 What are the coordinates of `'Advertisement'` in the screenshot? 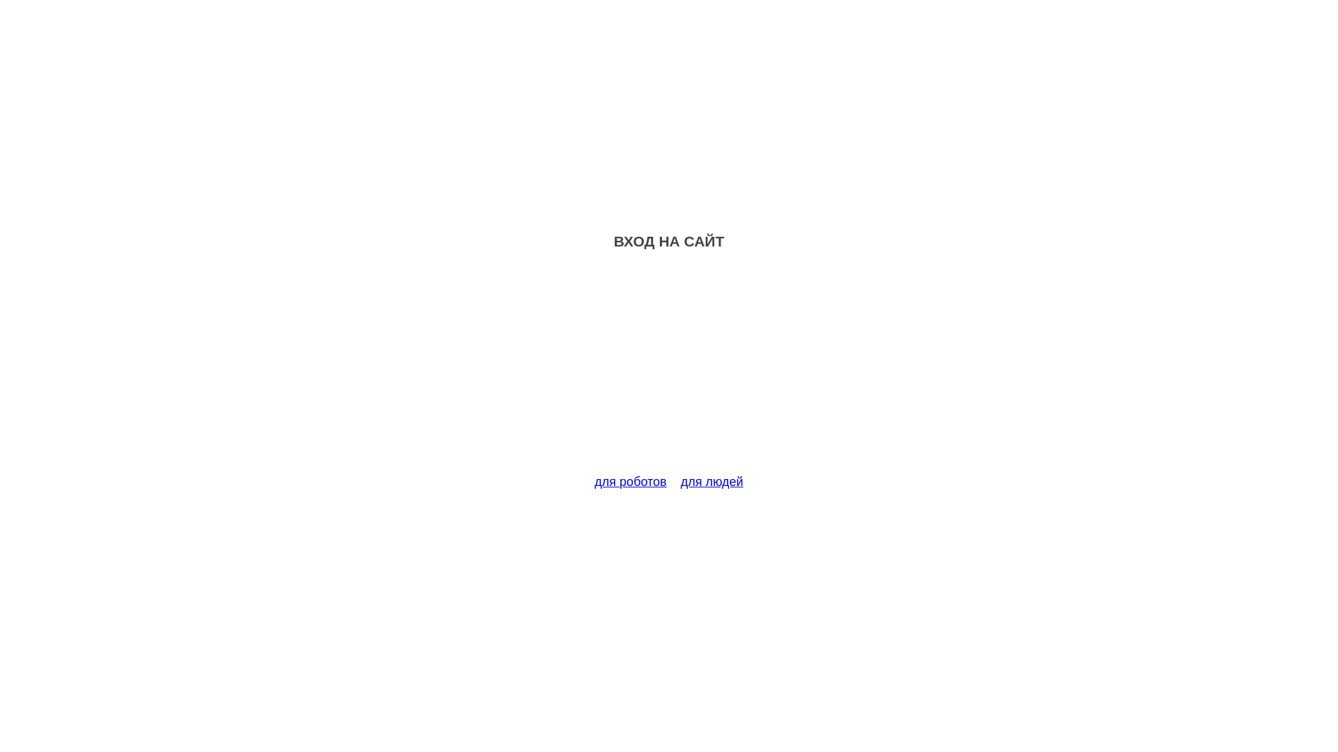 It's located at (669, 370).